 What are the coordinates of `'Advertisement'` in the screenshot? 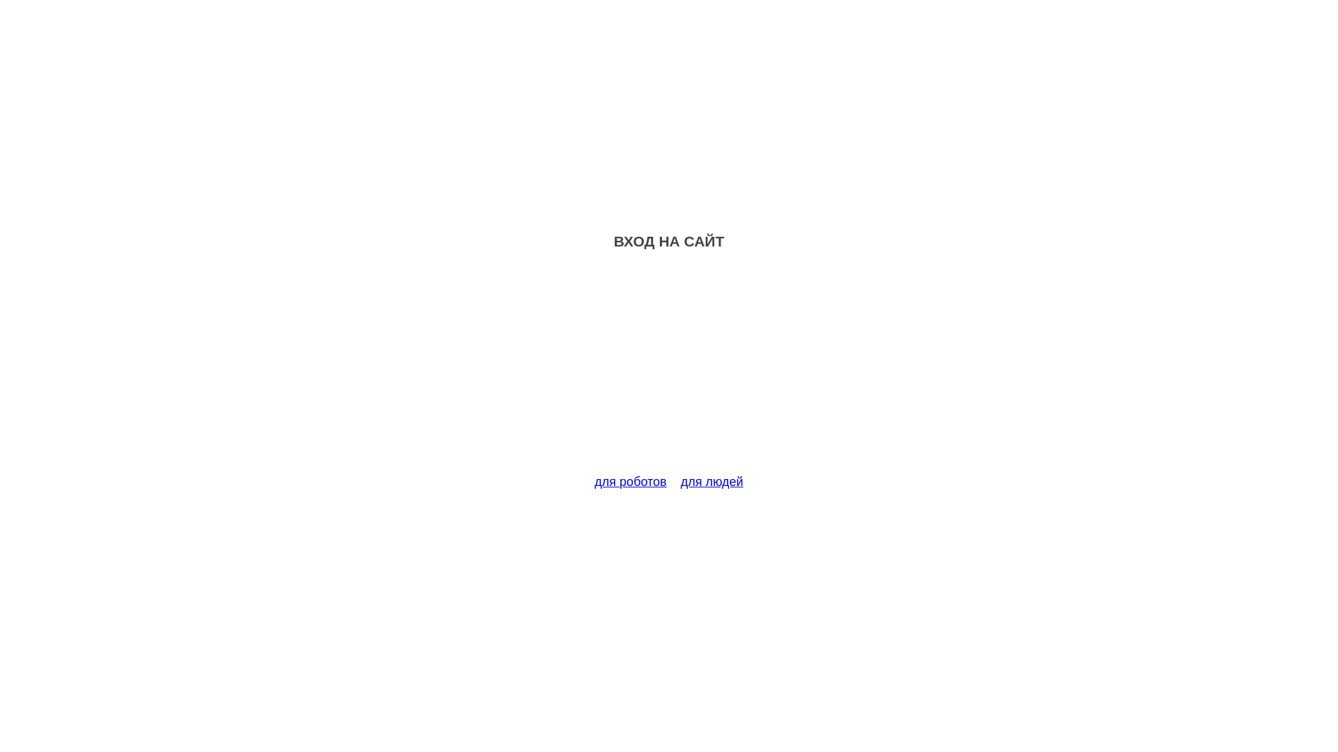 It's located at (669, 370).